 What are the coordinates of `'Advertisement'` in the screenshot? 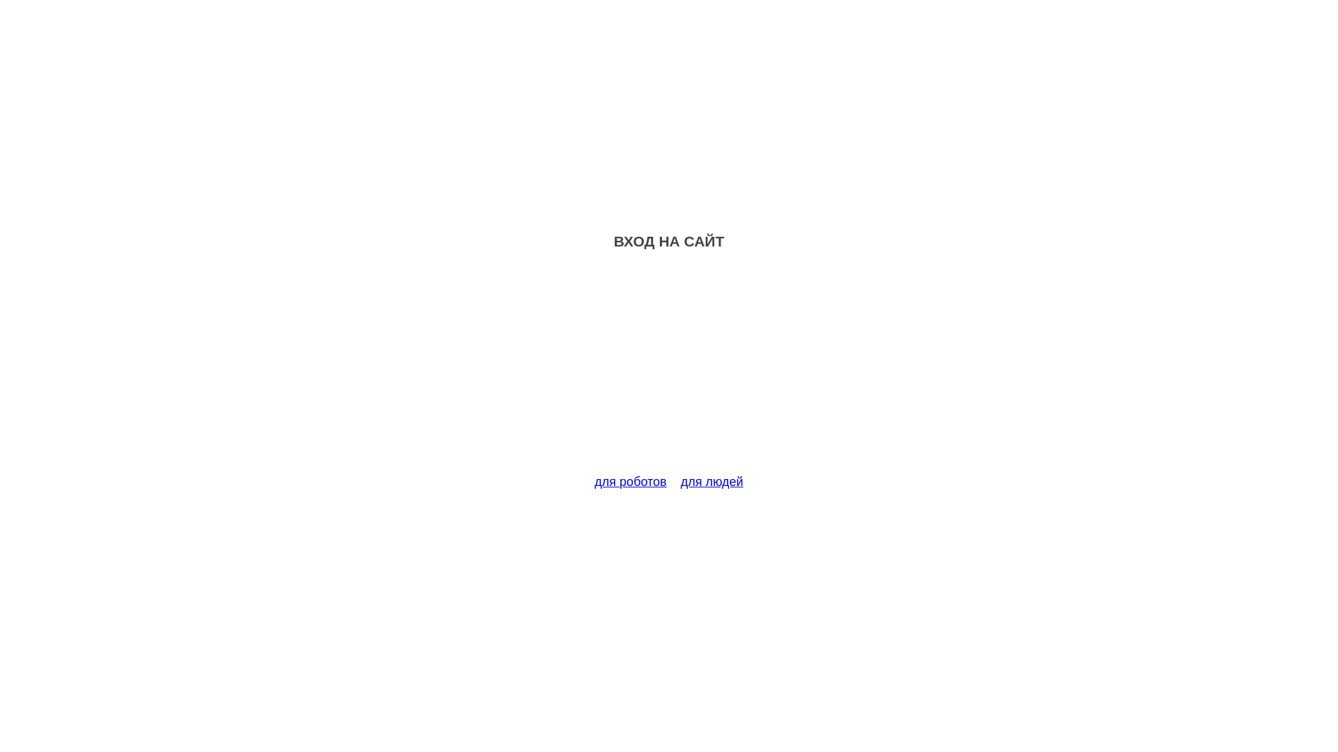 It's located at (669, 370).